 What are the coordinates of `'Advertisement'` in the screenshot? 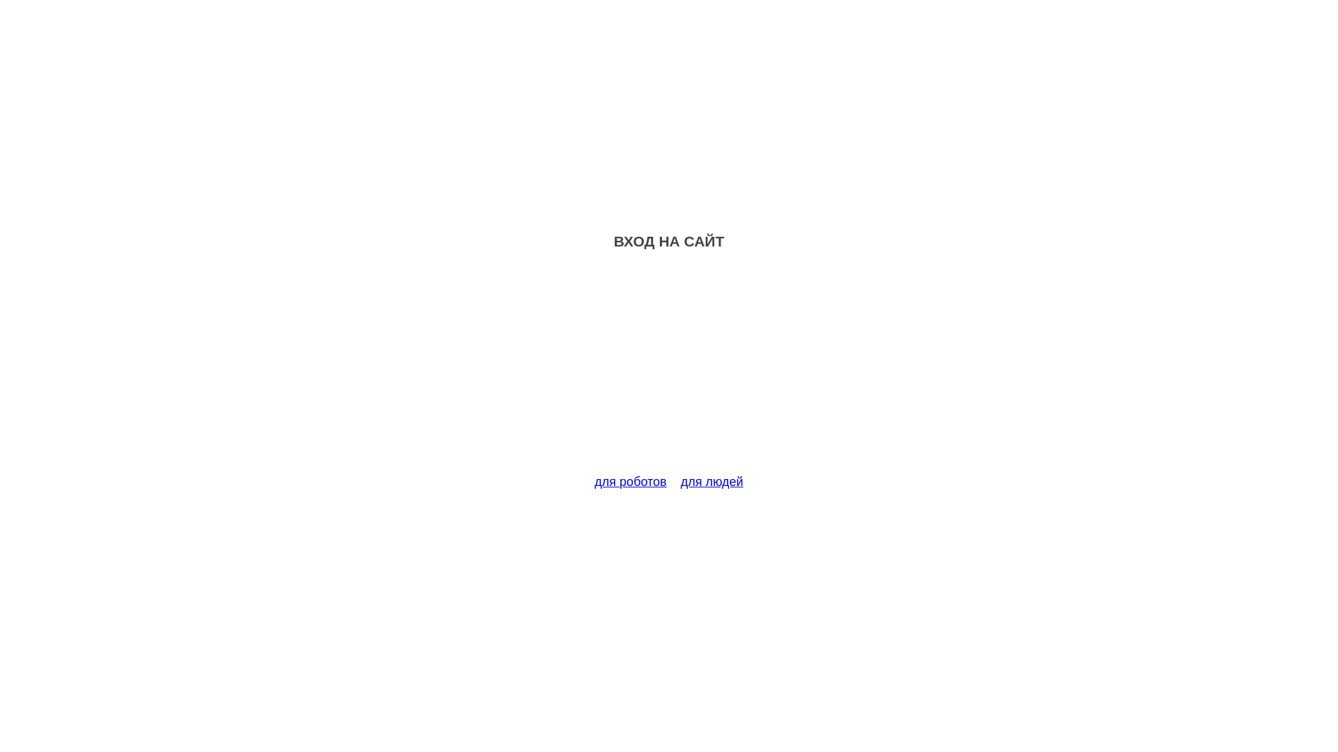 It's located at (669, 370).